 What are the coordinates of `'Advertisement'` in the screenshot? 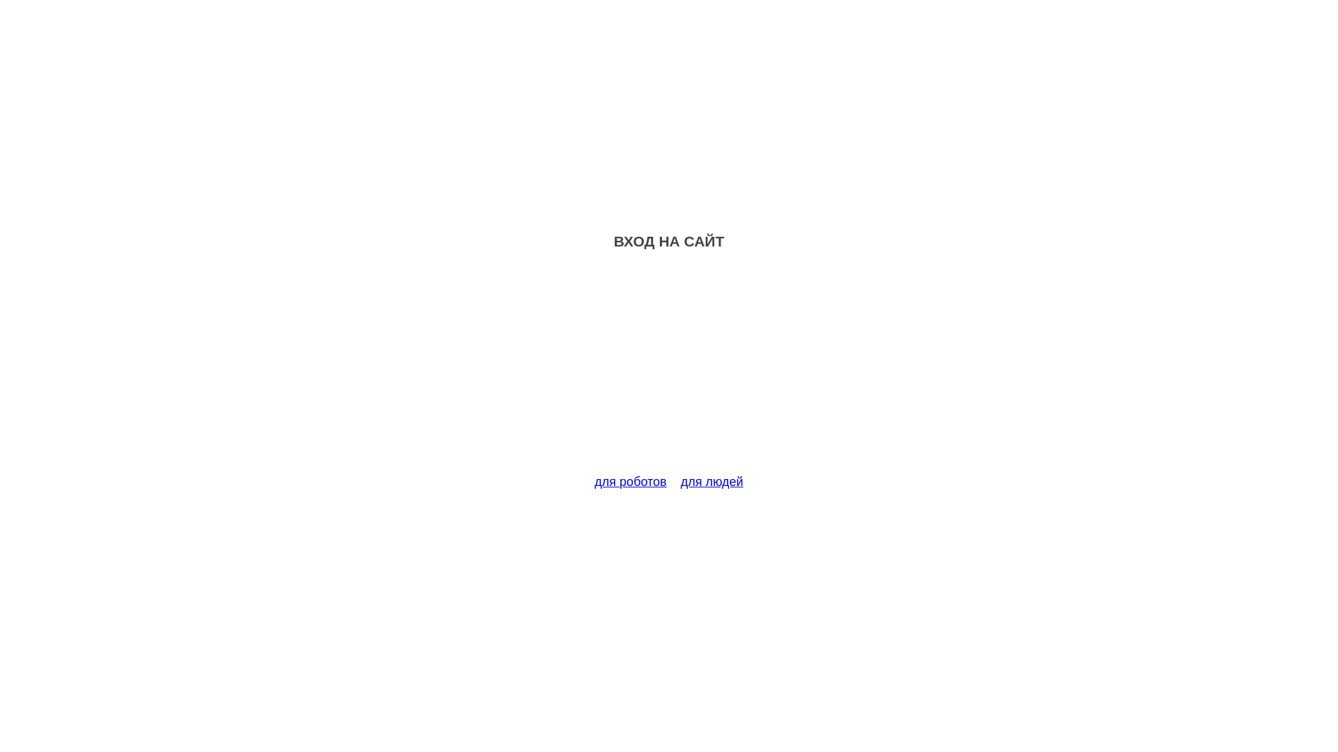 It's located at (669, 370).